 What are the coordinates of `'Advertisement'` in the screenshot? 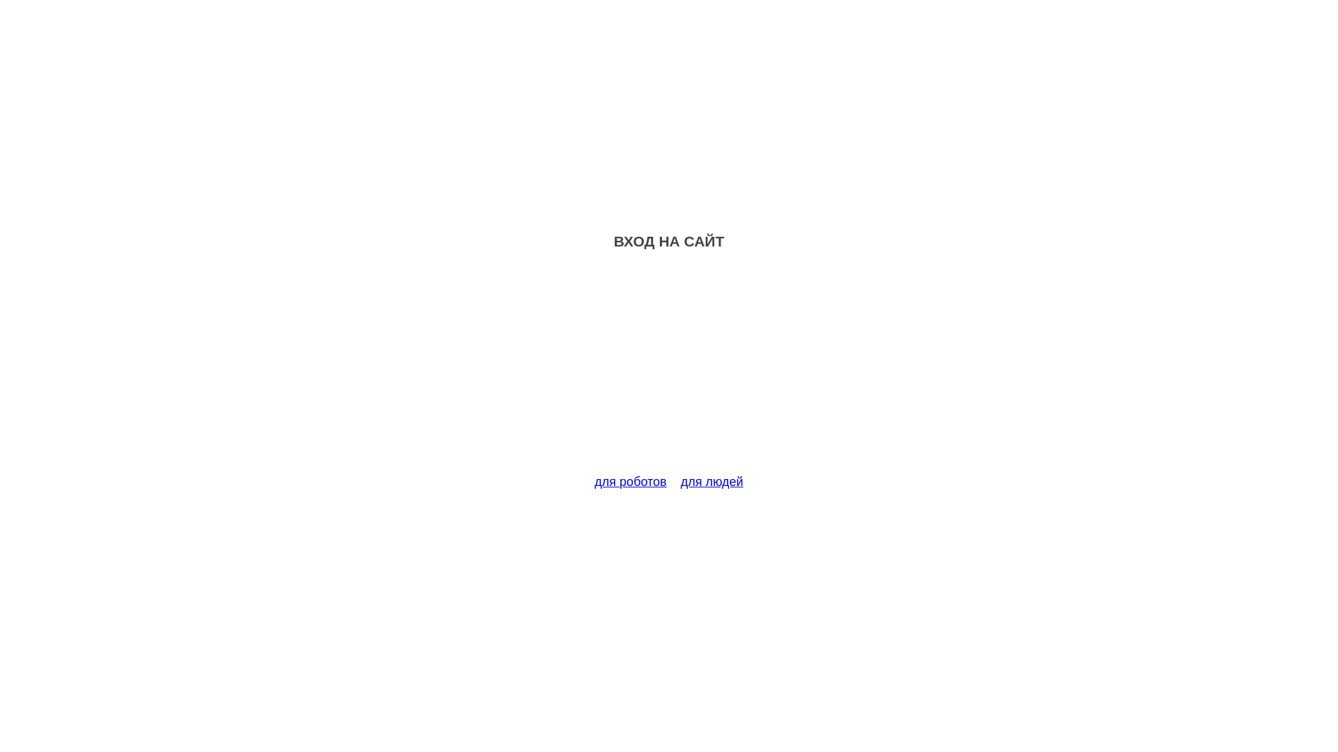 It's located at (669, 370).